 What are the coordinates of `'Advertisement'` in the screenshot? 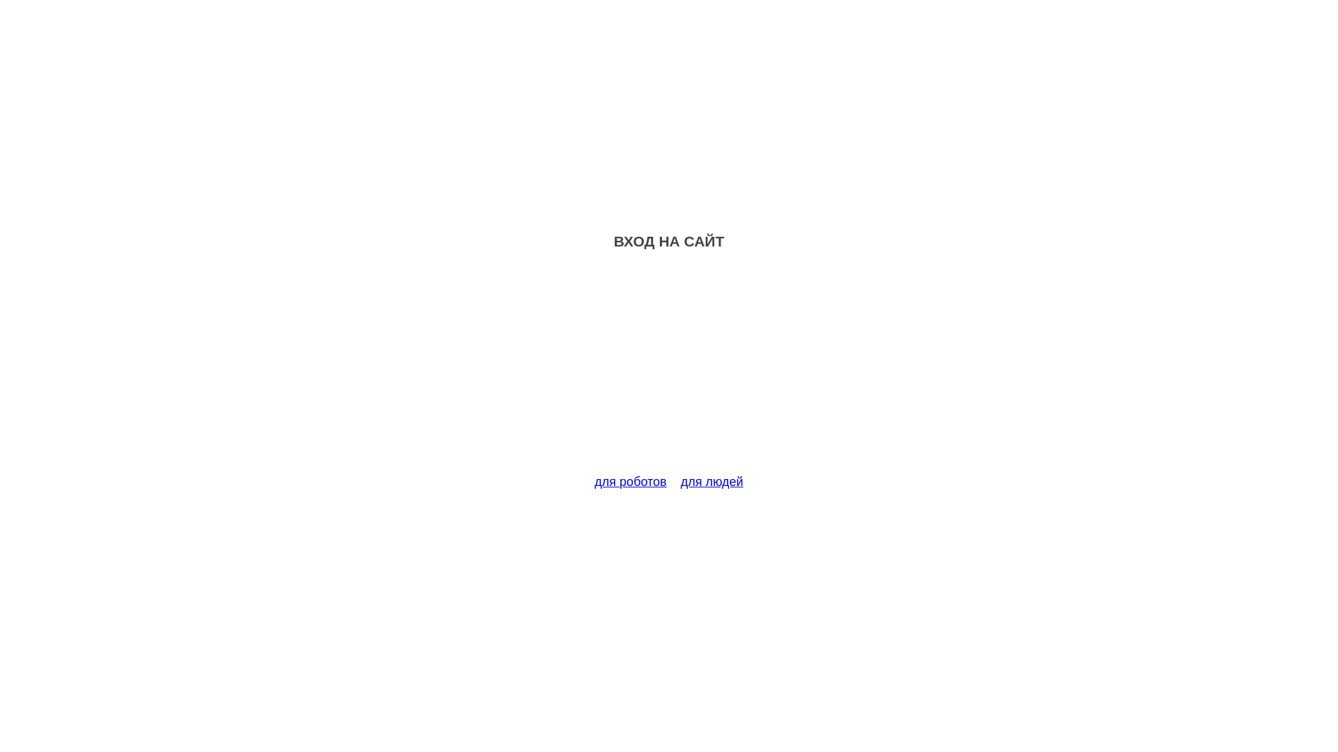 It's located at (669, 370).